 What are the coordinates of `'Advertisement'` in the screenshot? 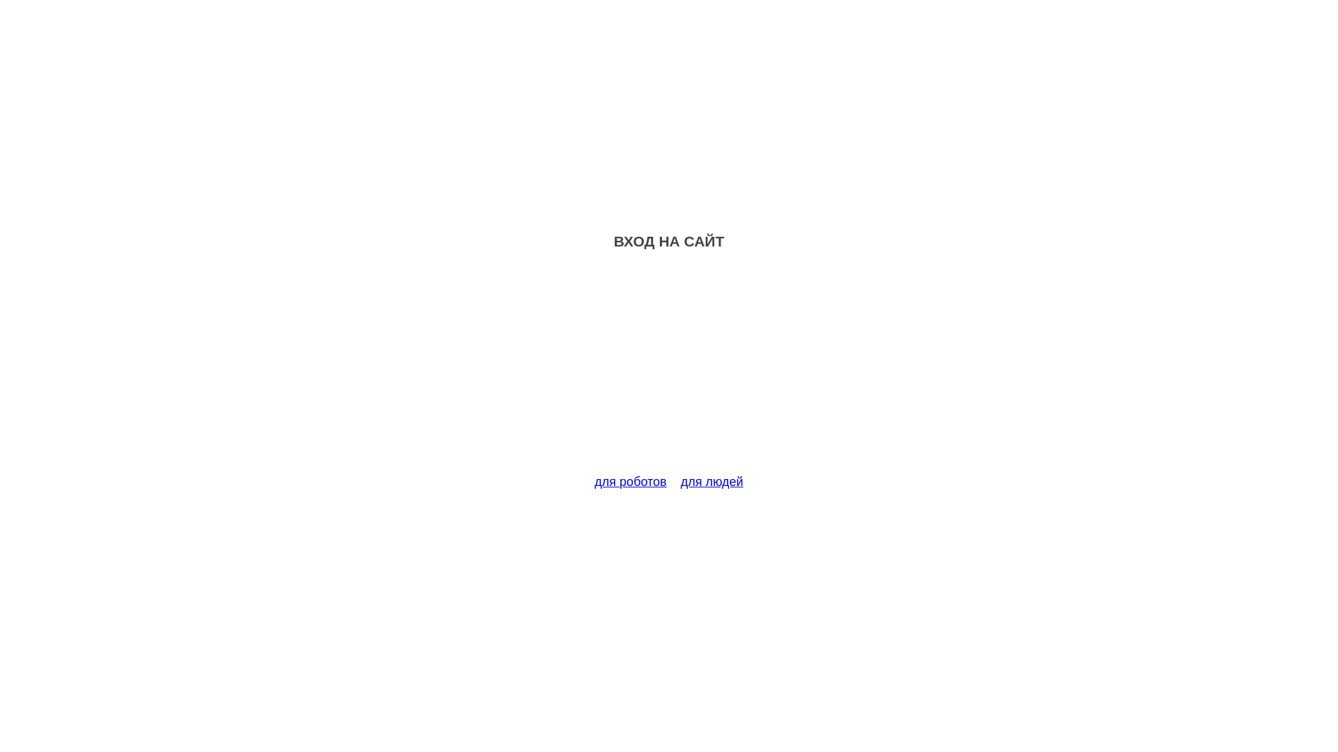 It's located at (669, 370).